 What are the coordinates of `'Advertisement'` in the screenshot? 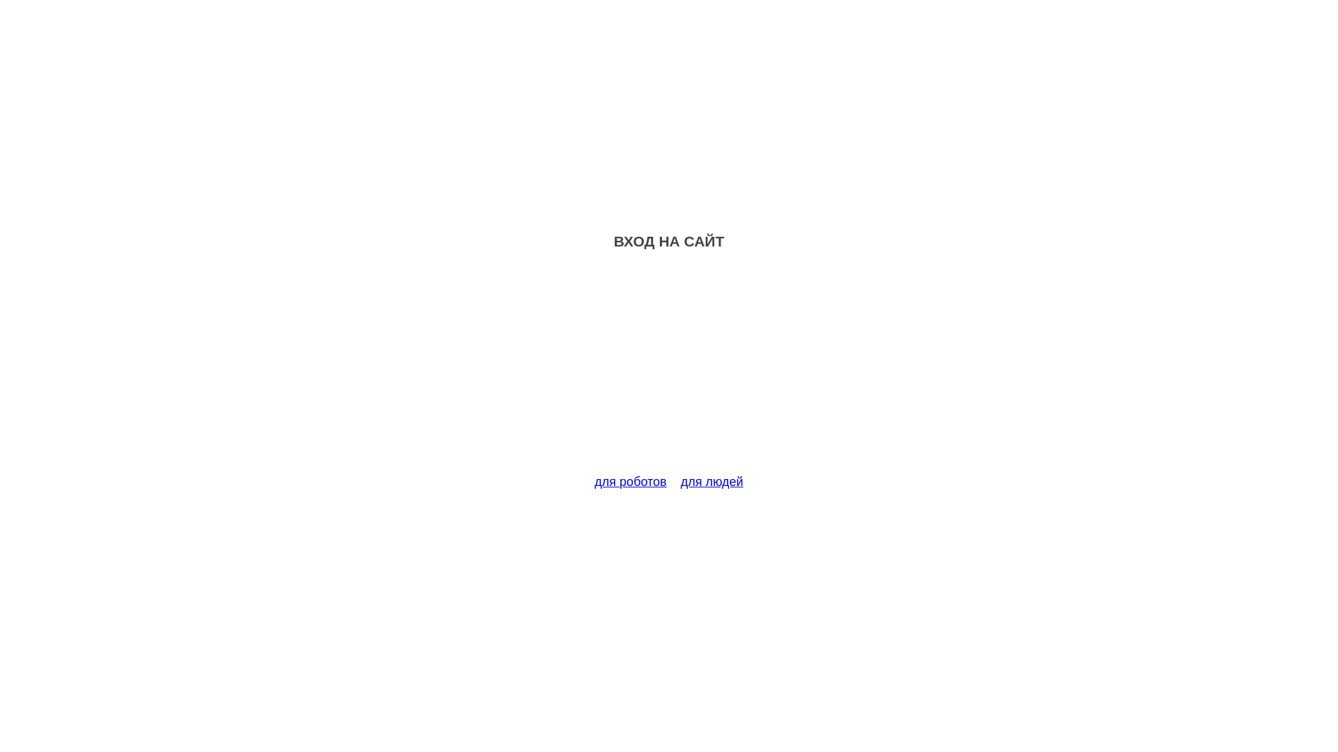 It's located at (669, 370).